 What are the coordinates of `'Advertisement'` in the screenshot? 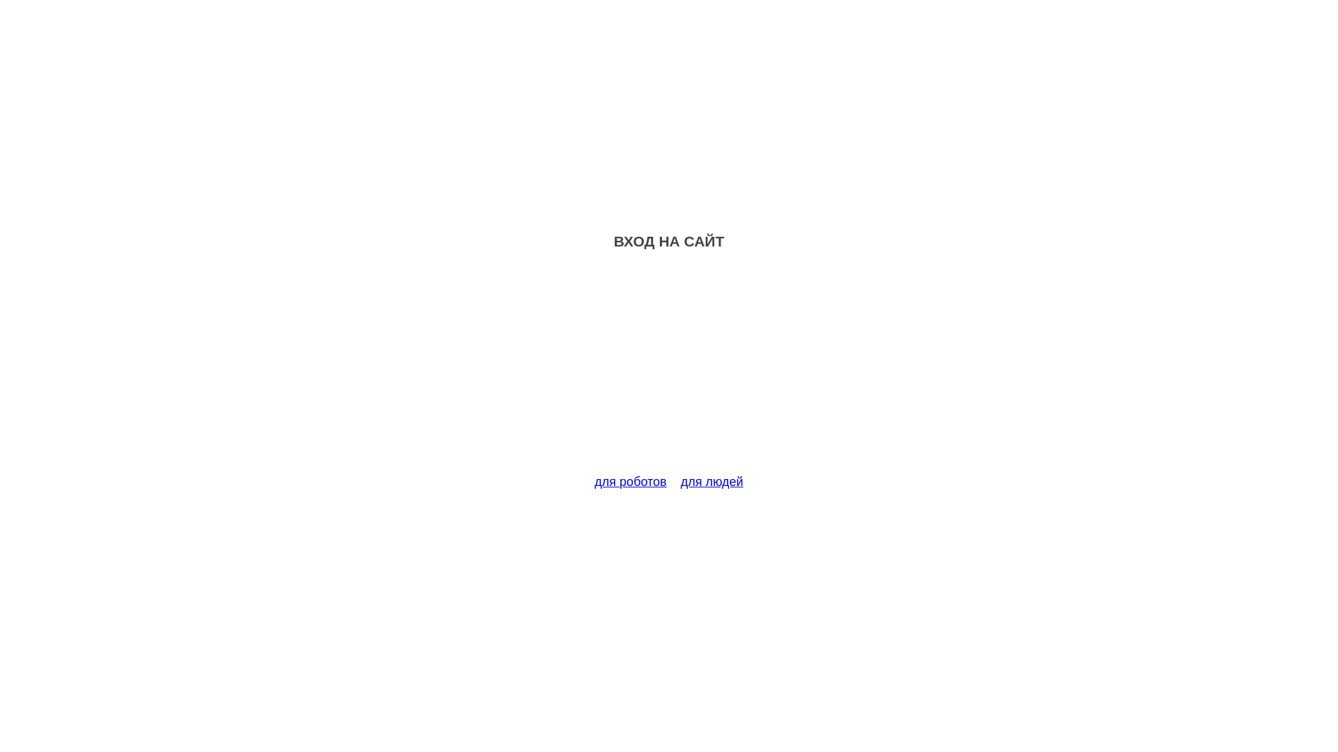 It's located at (669, 370).